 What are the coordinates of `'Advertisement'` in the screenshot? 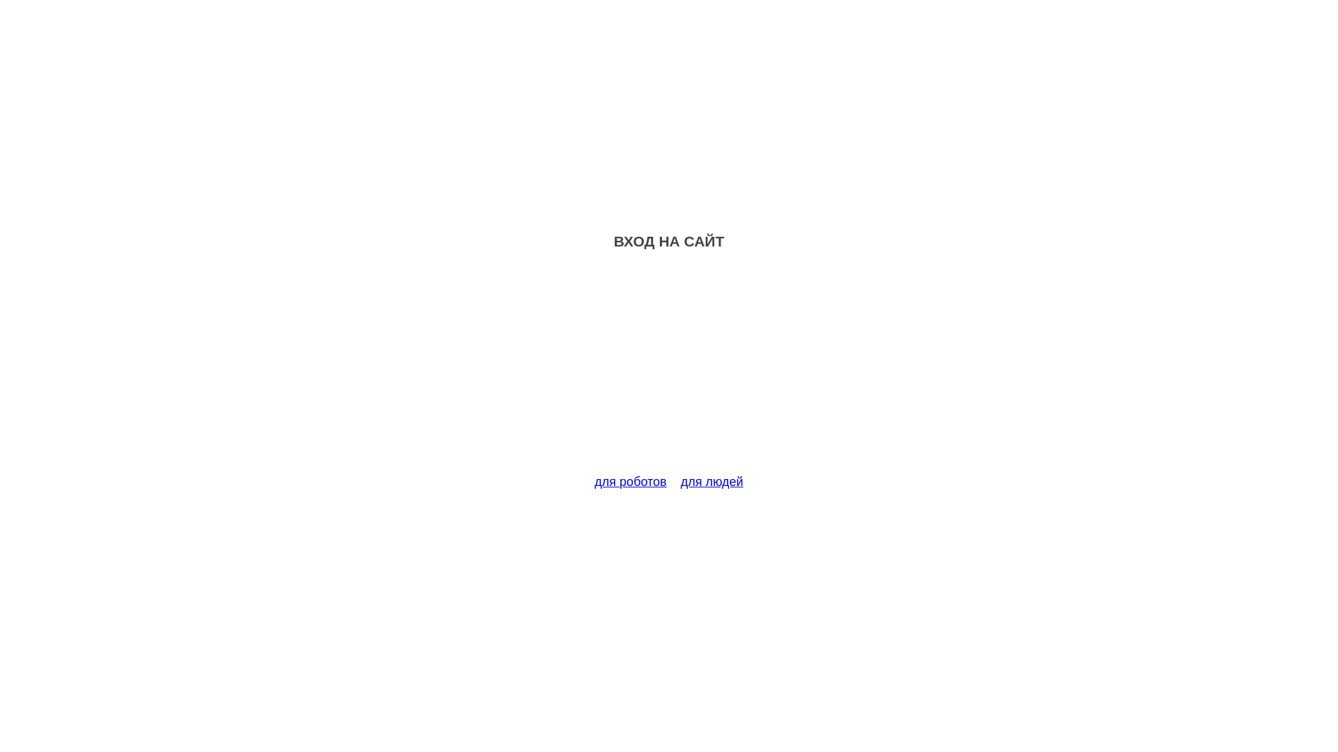 It's located at (669, 370).